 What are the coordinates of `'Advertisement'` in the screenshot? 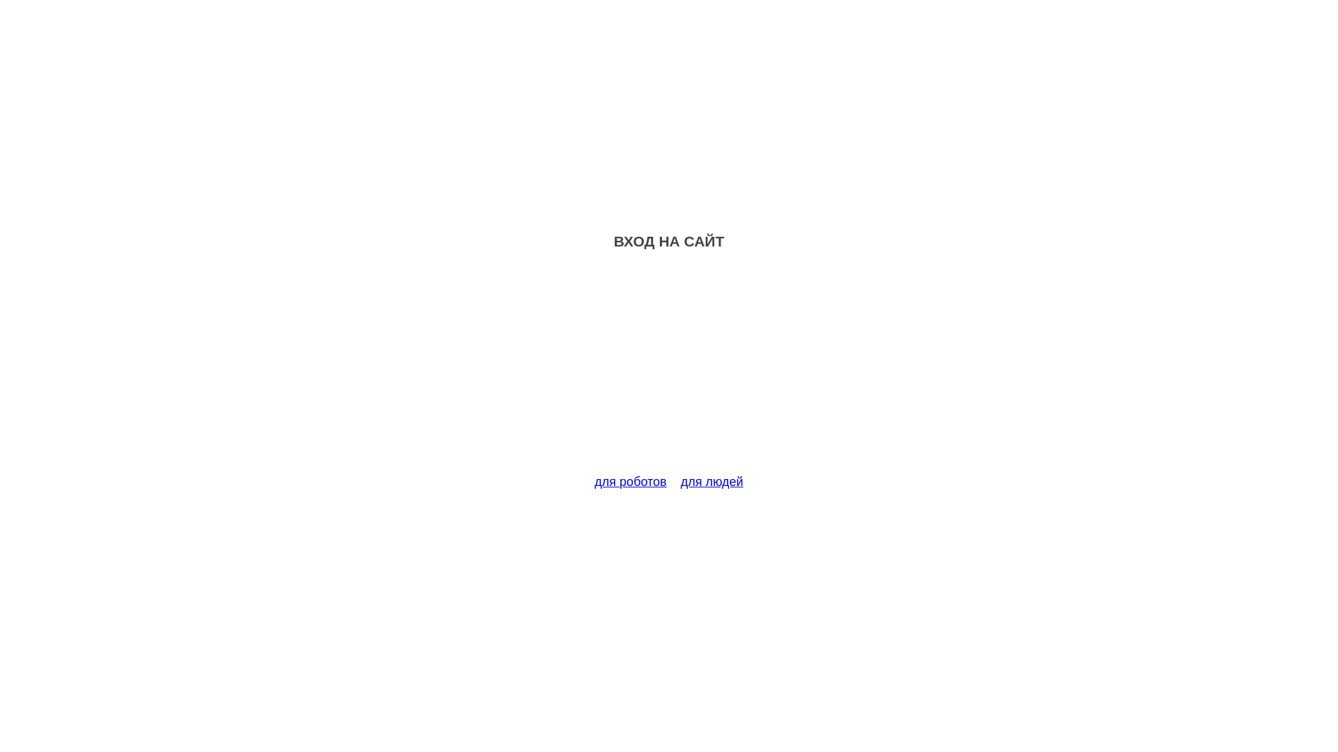 It's located at (669, 370).